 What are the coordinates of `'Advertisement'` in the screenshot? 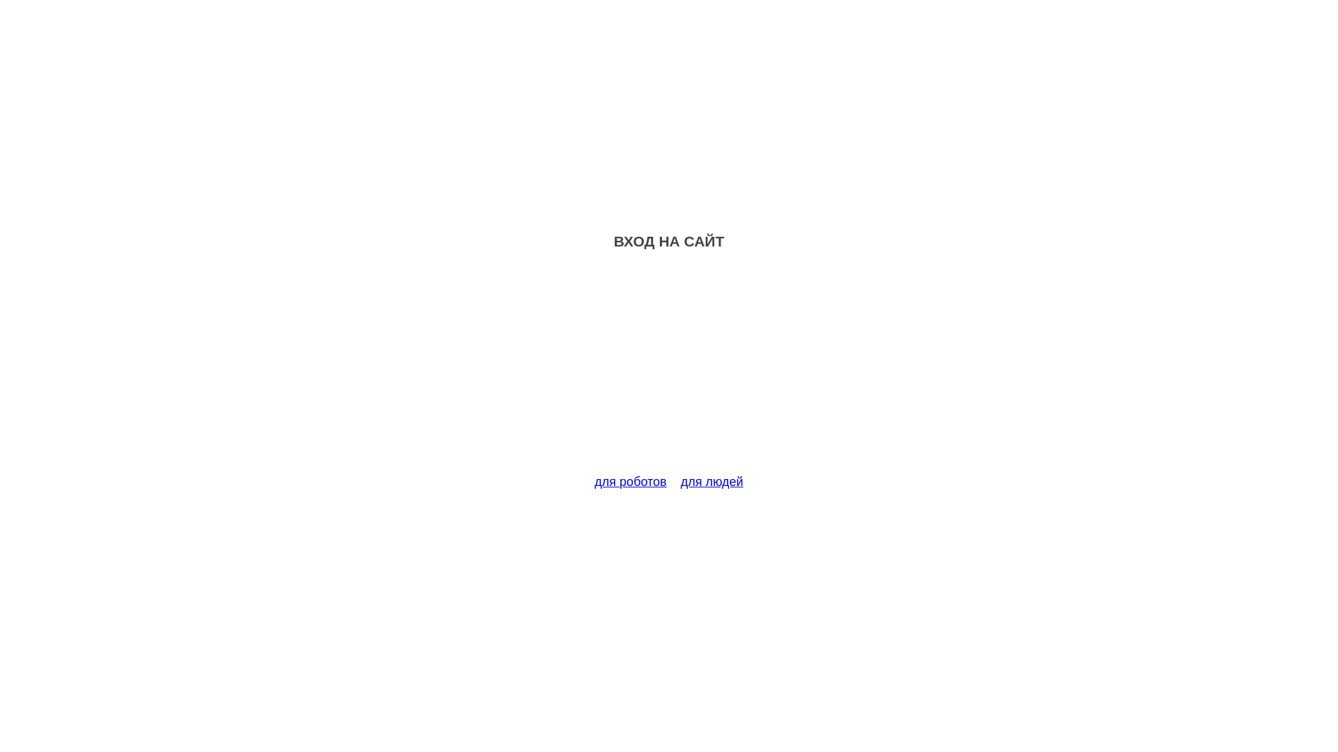 It's located at (669, 370).